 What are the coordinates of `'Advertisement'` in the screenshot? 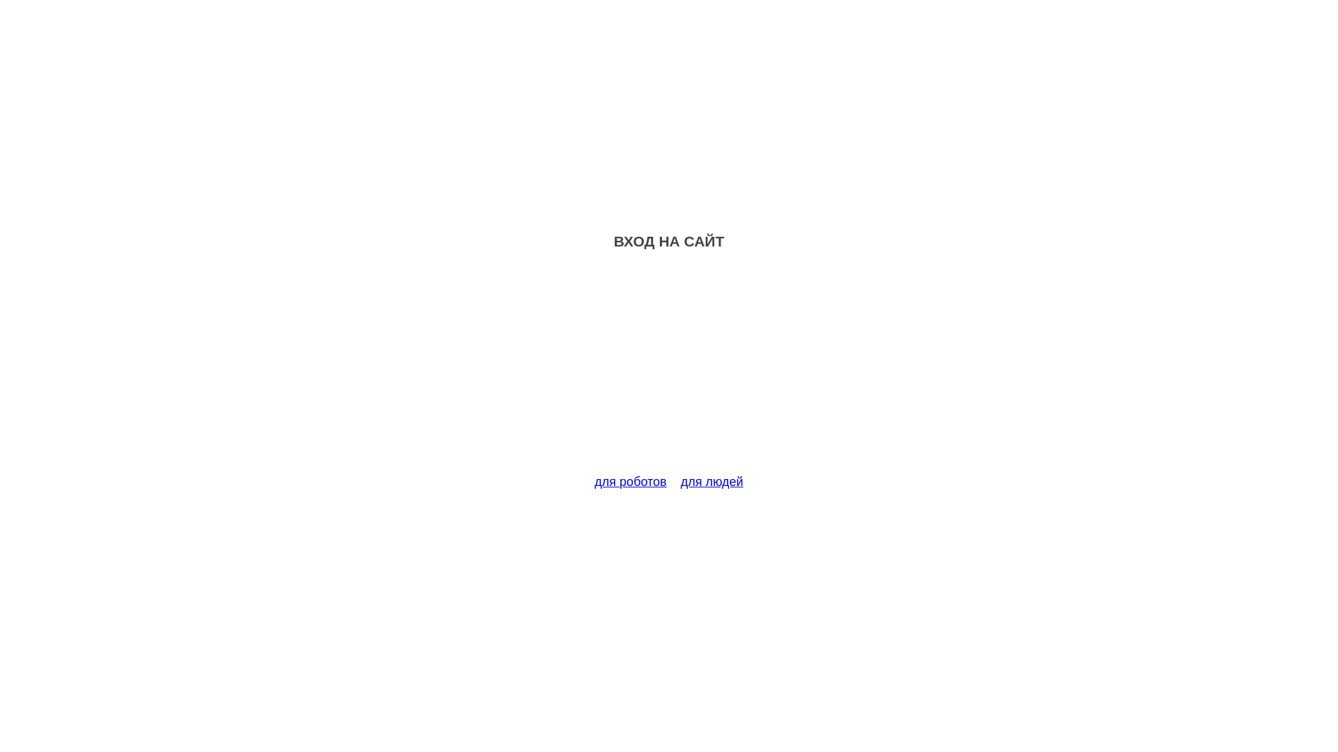 It's located at (669, 370).